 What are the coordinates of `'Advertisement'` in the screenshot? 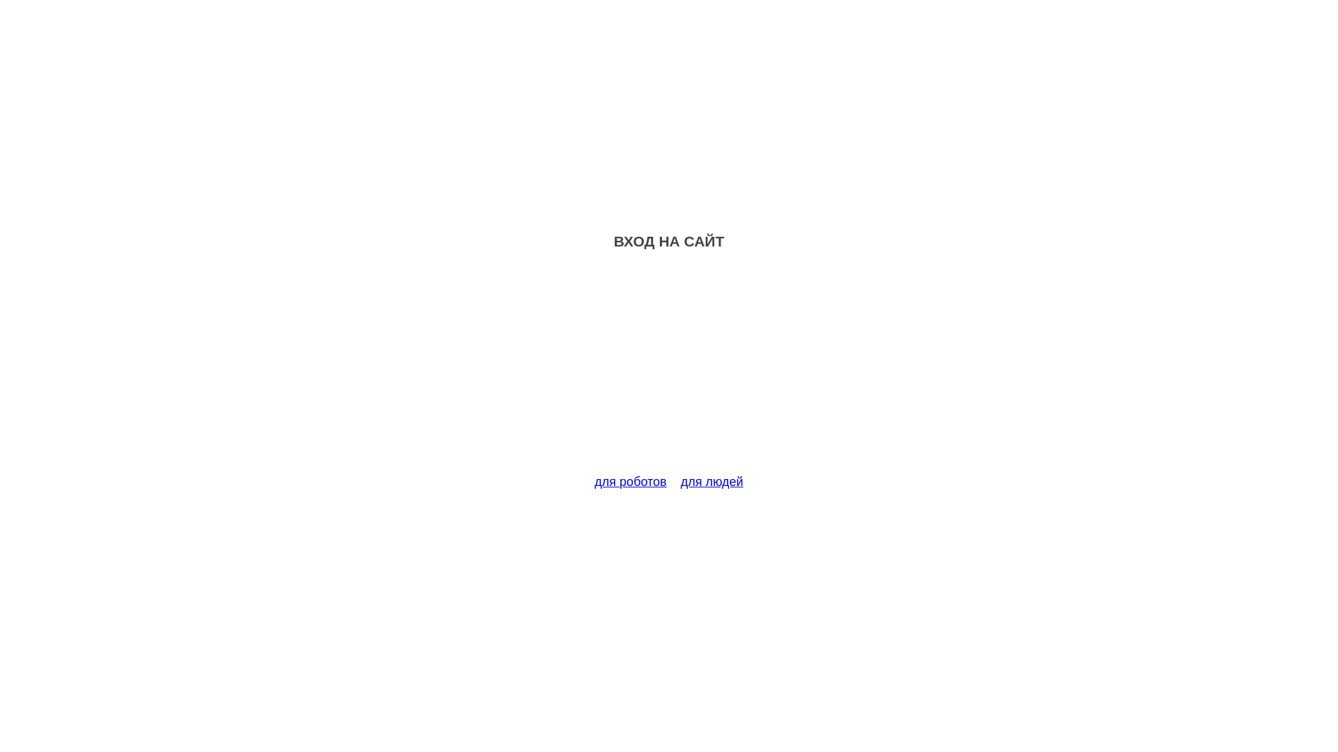 It's located at (669, 370).